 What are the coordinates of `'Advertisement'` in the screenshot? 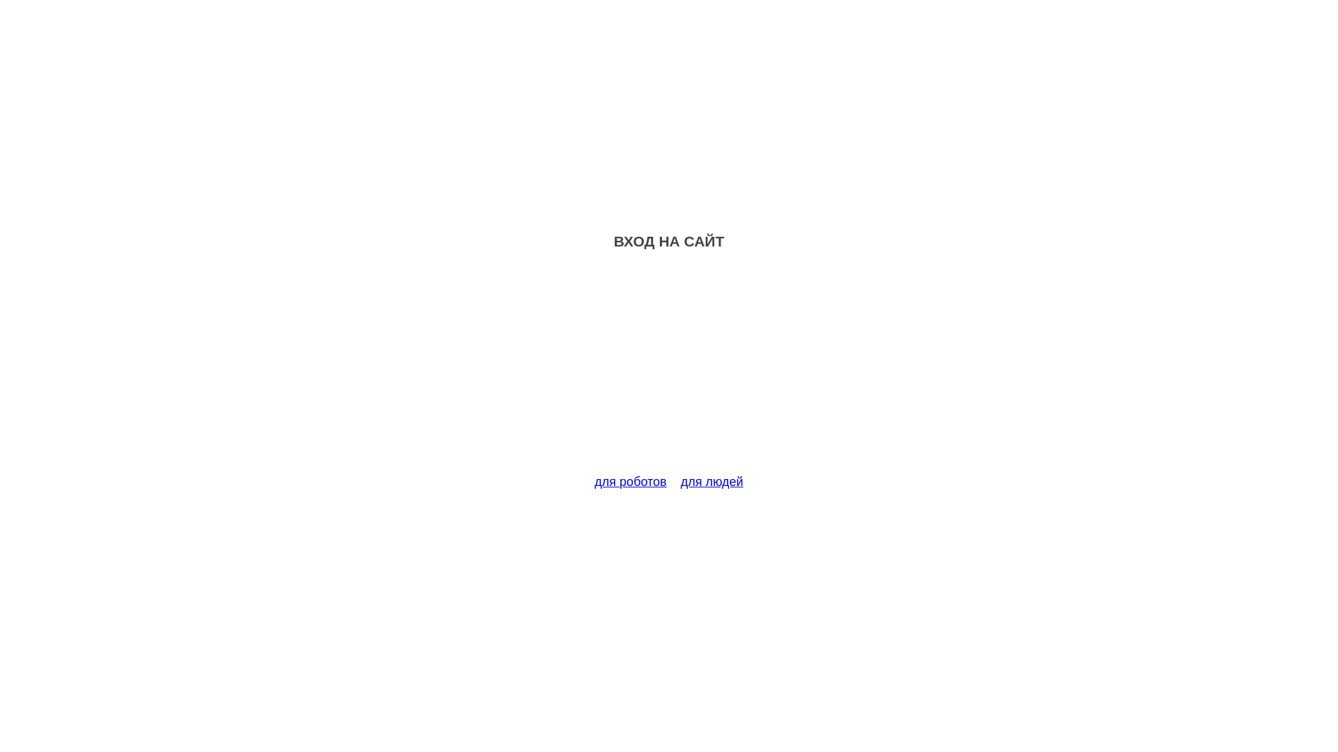 It's located at (669, 370).